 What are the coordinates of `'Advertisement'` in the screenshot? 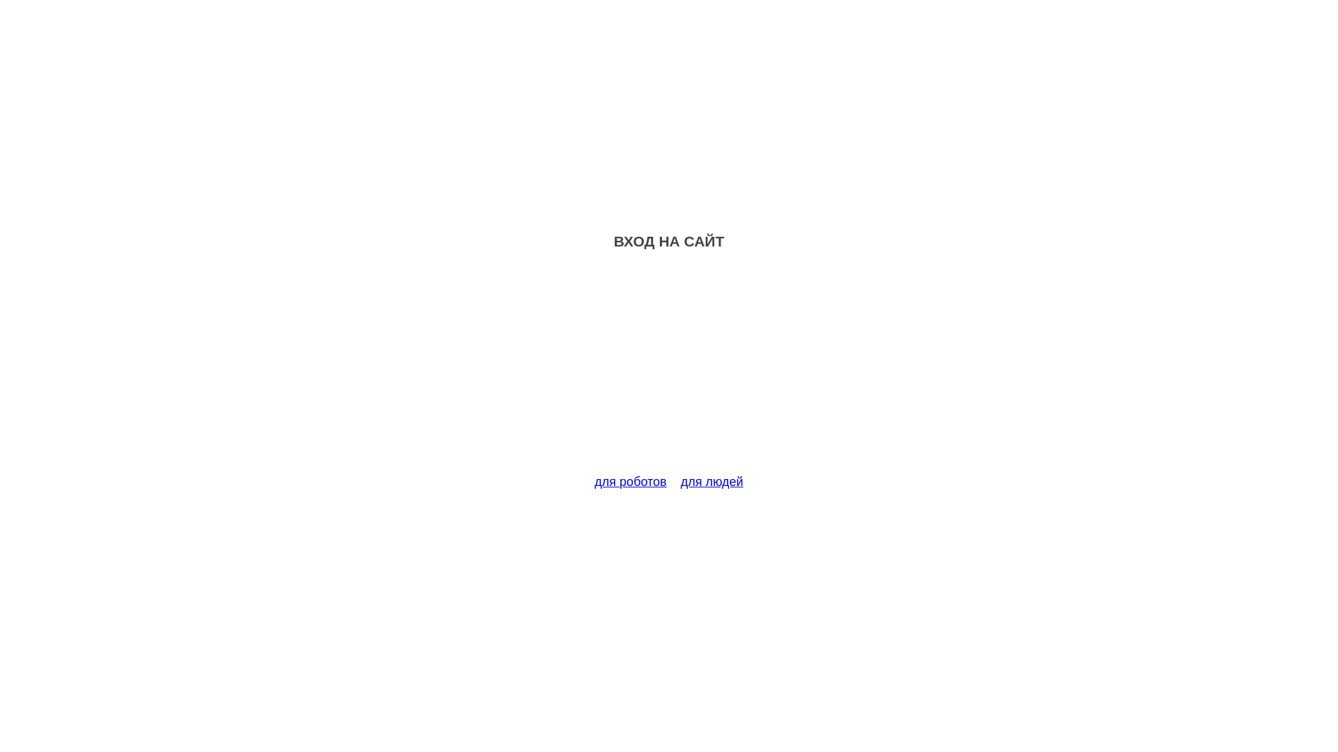 It's located at (669, 370).